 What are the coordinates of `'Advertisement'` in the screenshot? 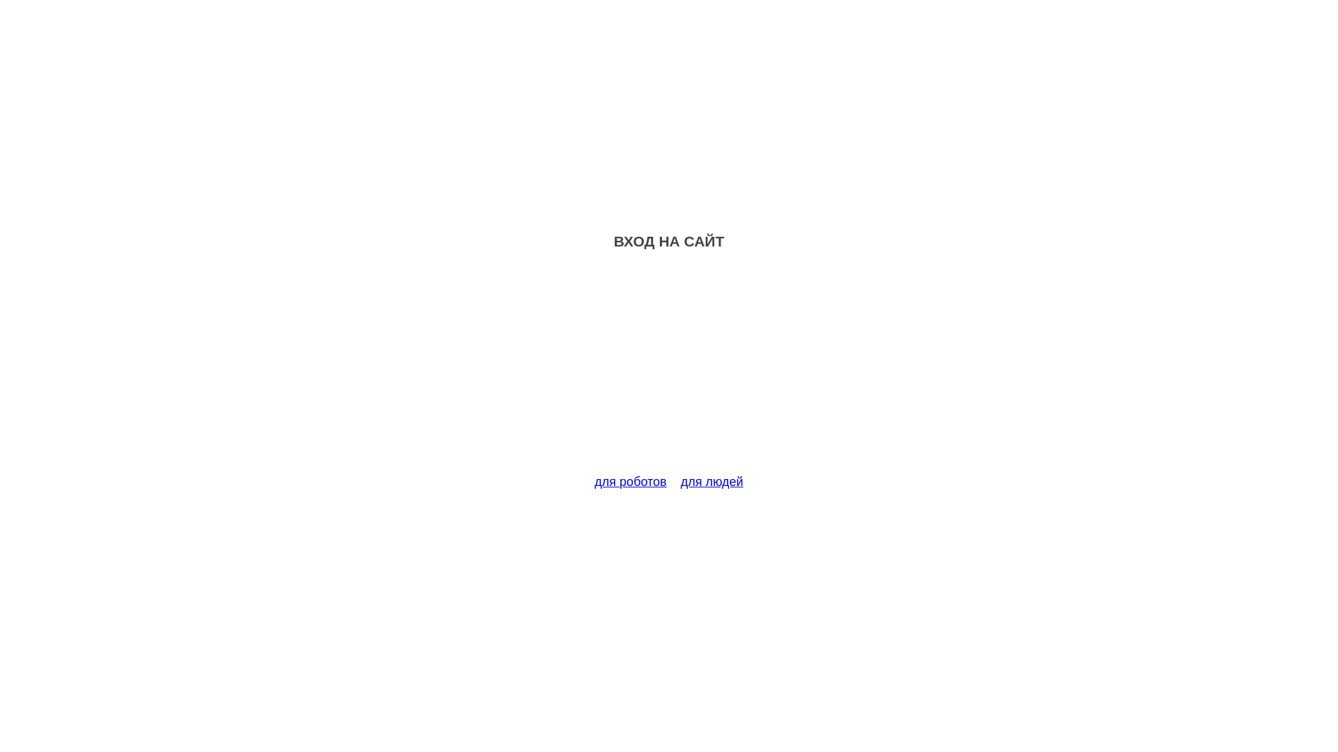 It's located at (669, 370).